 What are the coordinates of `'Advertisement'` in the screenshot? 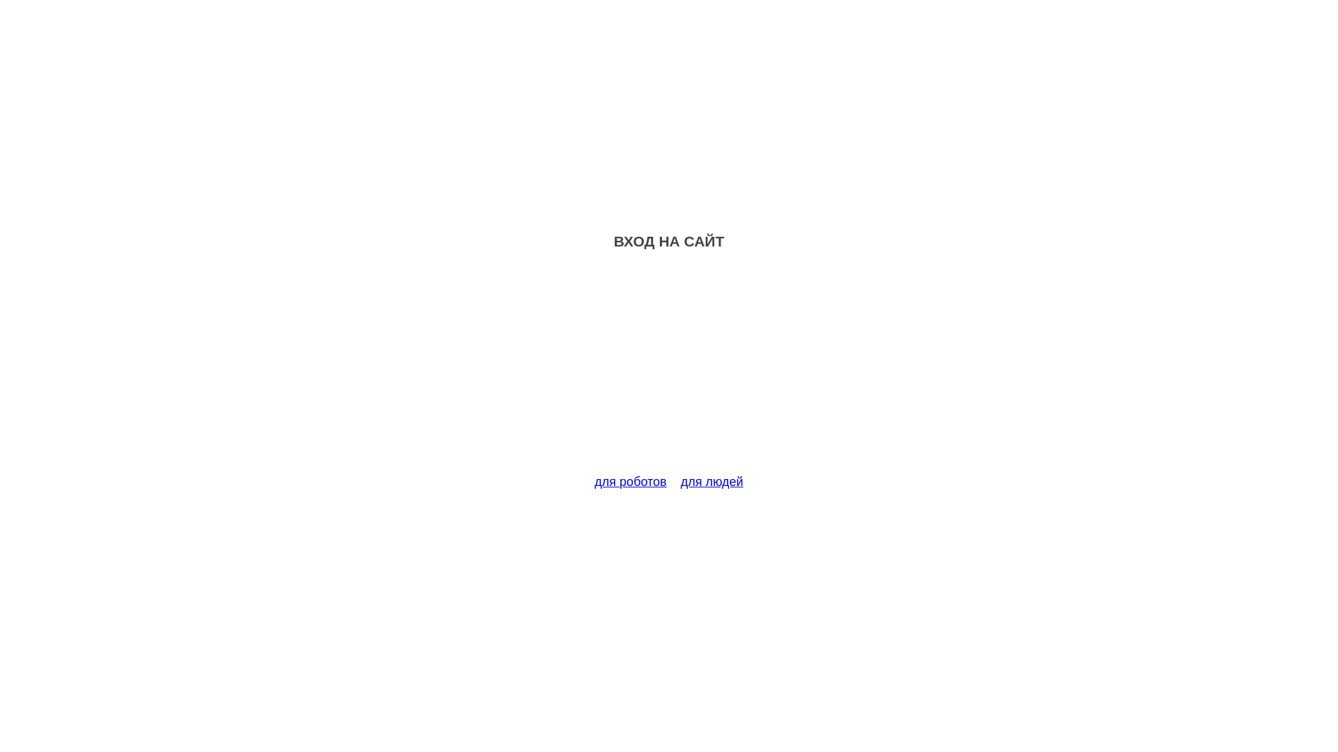 It's located at (669, 370).